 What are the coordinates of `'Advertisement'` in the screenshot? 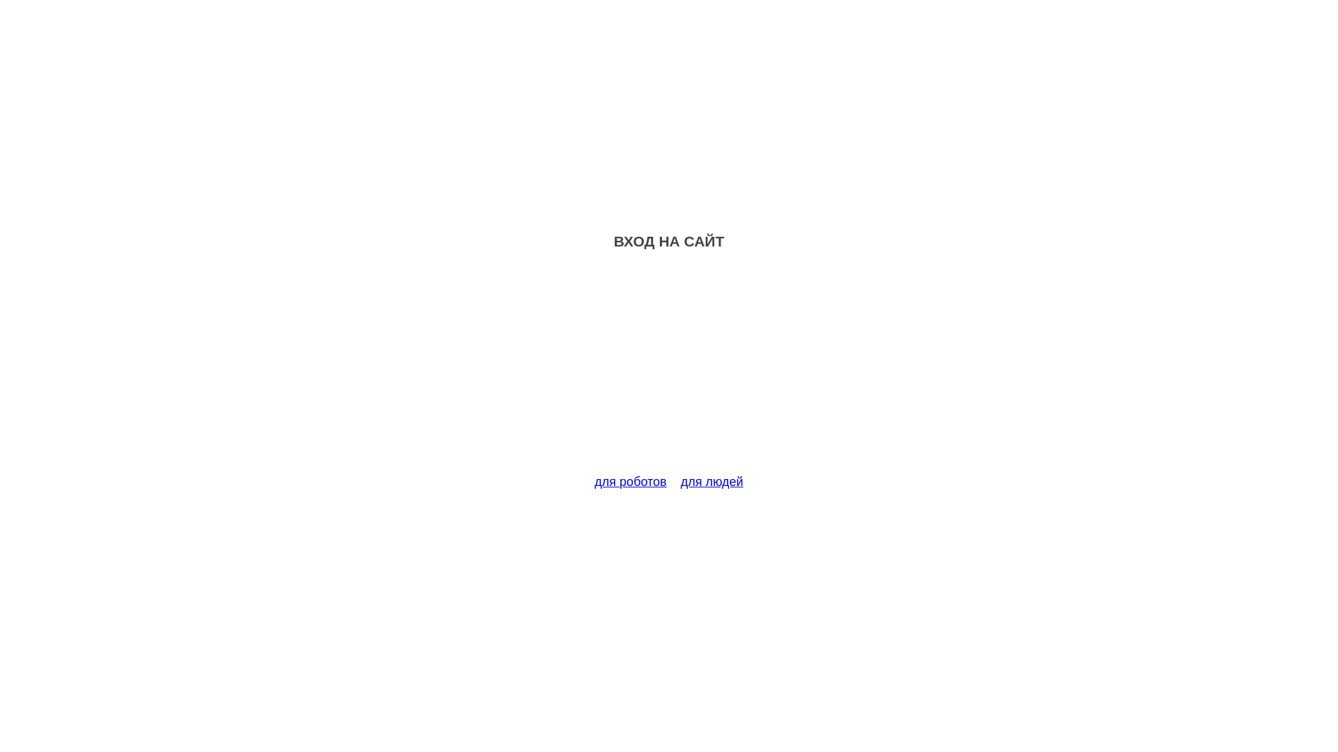 It's located at (669, 370).